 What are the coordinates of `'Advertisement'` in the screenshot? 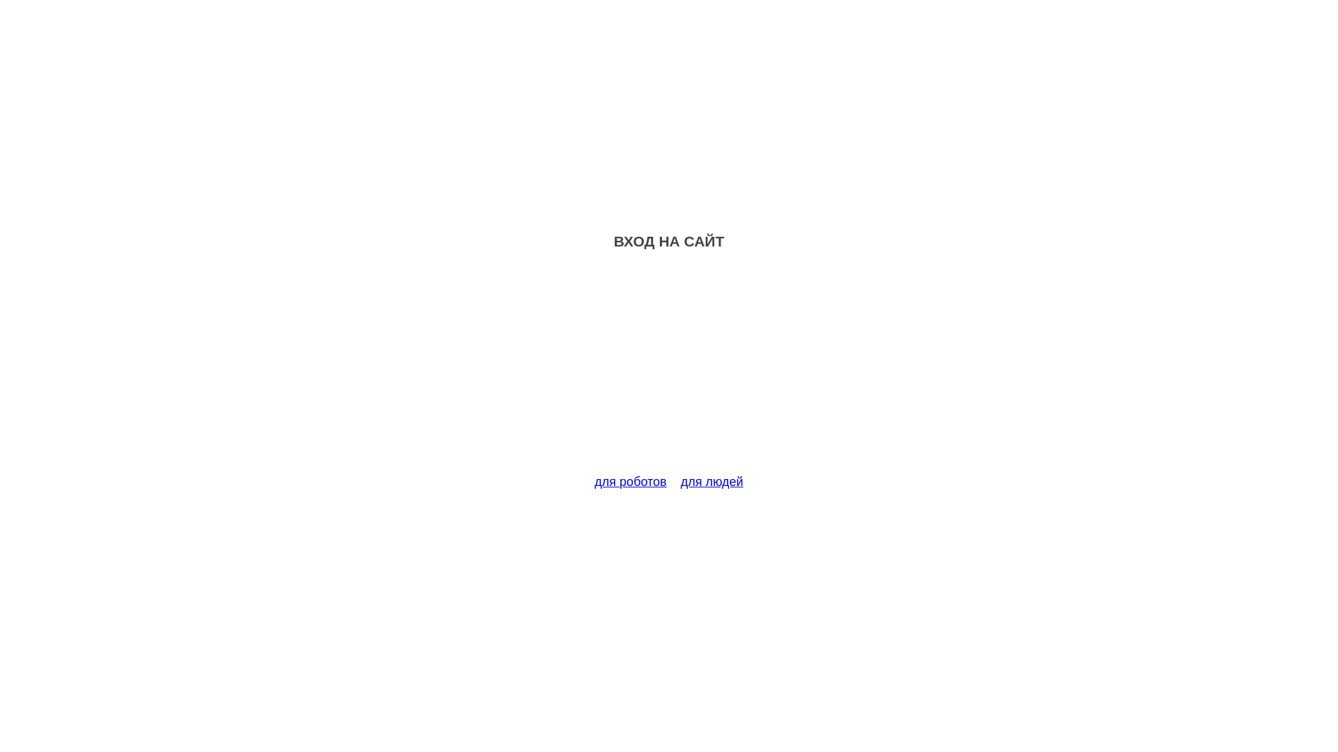 It's located at (669, 370).